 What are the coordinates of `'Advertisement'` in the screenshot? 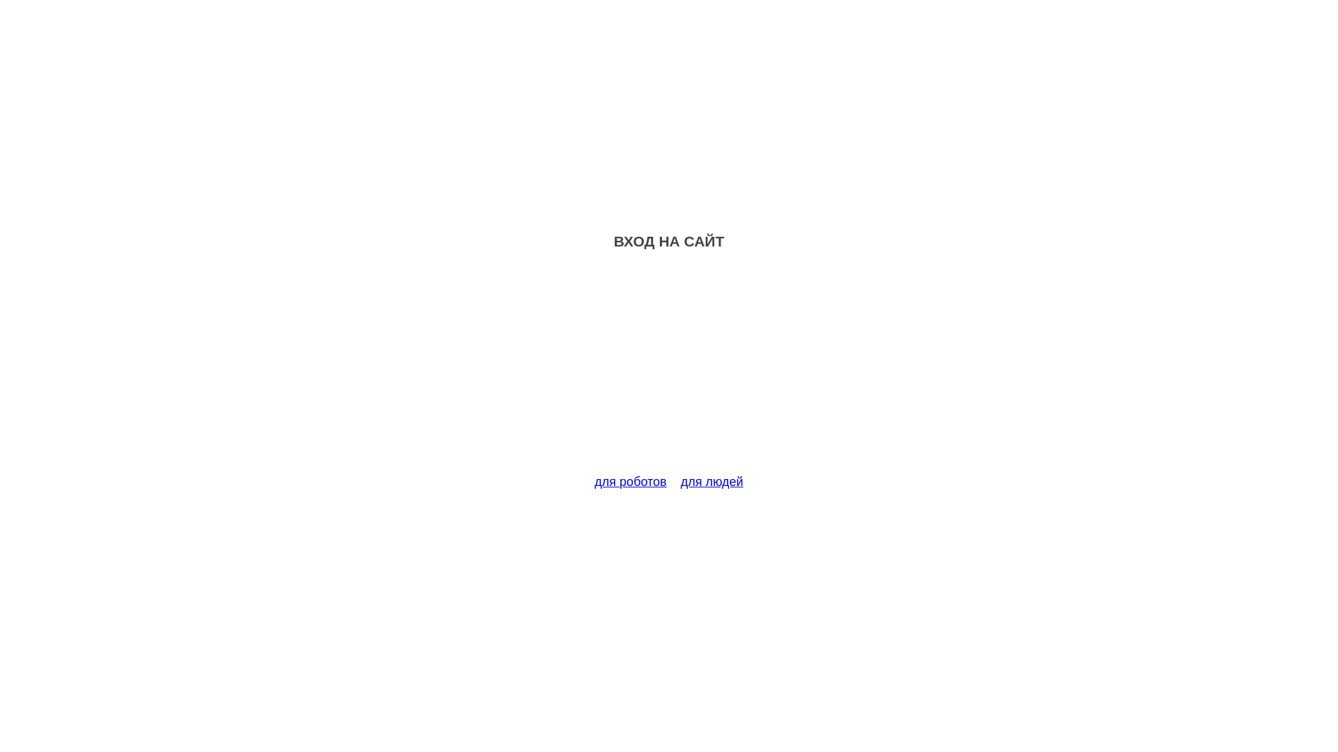 It's located at (669, 370).